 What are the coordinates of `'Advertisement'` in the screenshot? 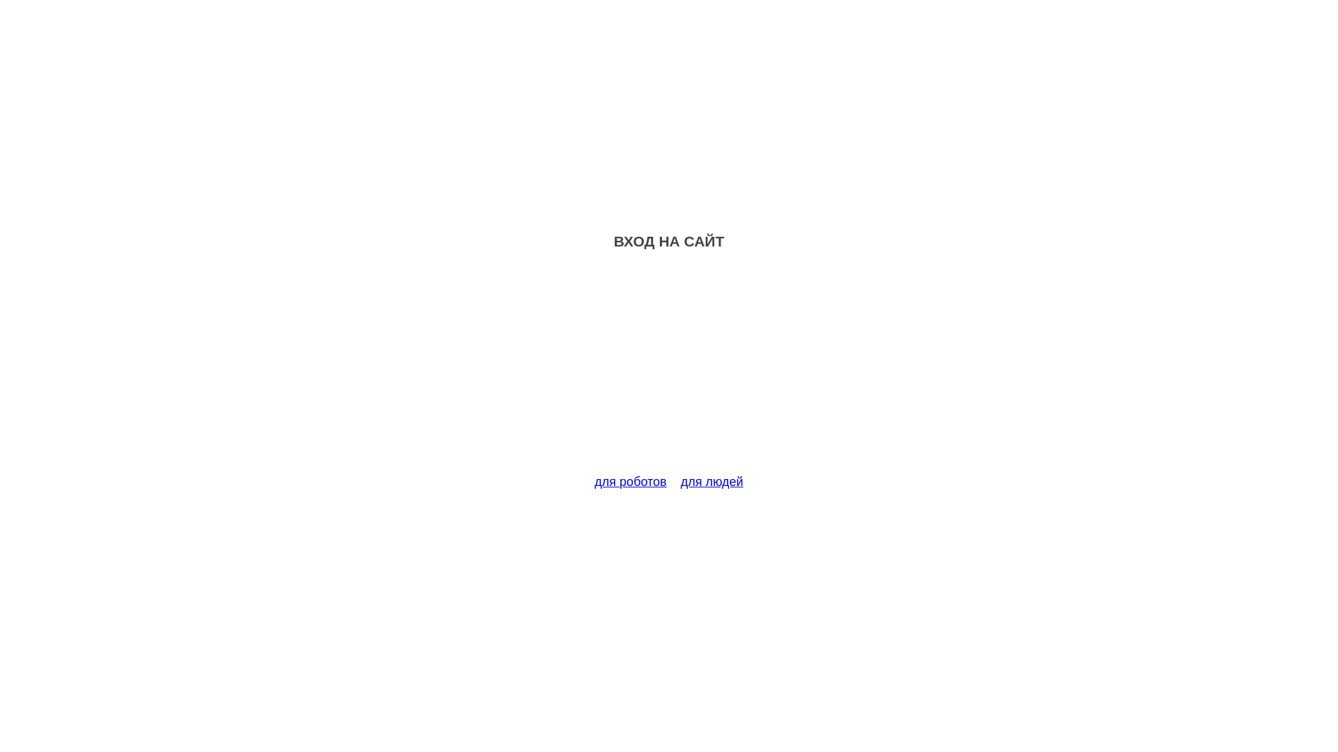 It's located at (669, 370).